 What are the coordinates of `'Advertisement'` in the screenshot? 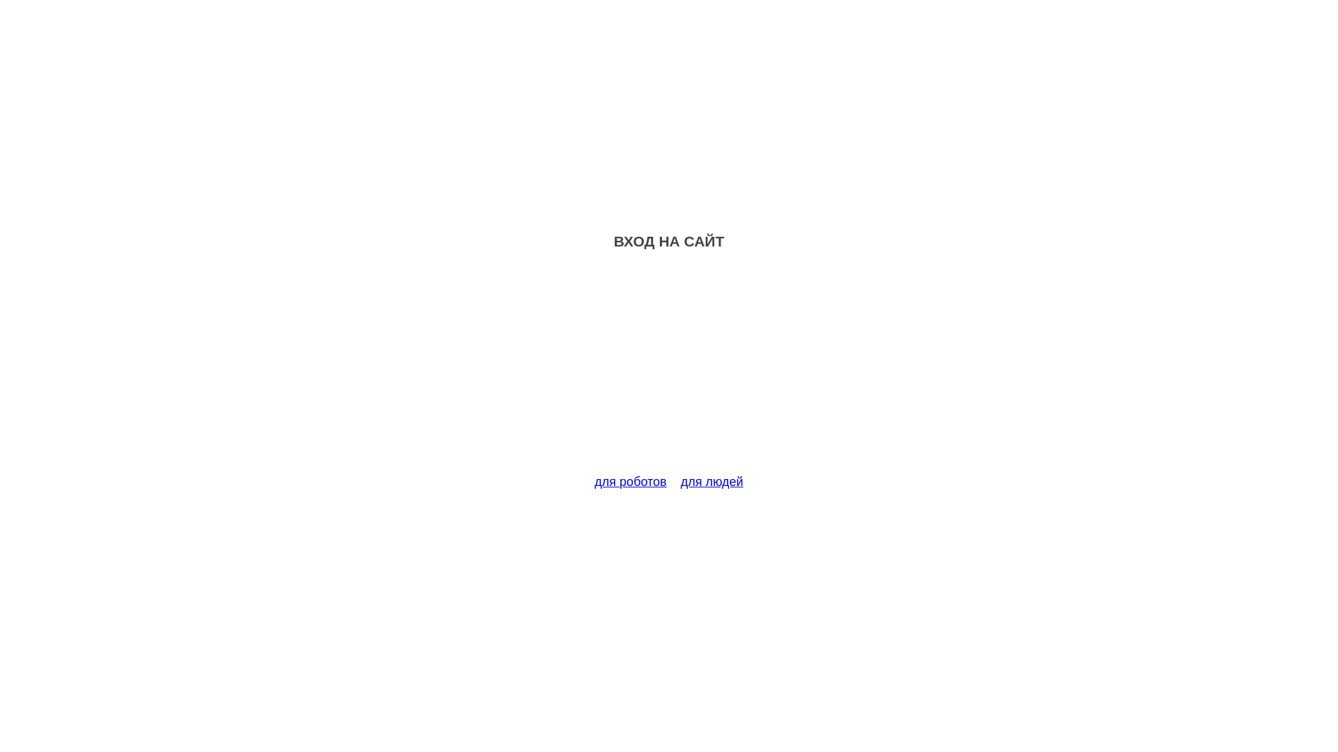 It's located at (669, 370).